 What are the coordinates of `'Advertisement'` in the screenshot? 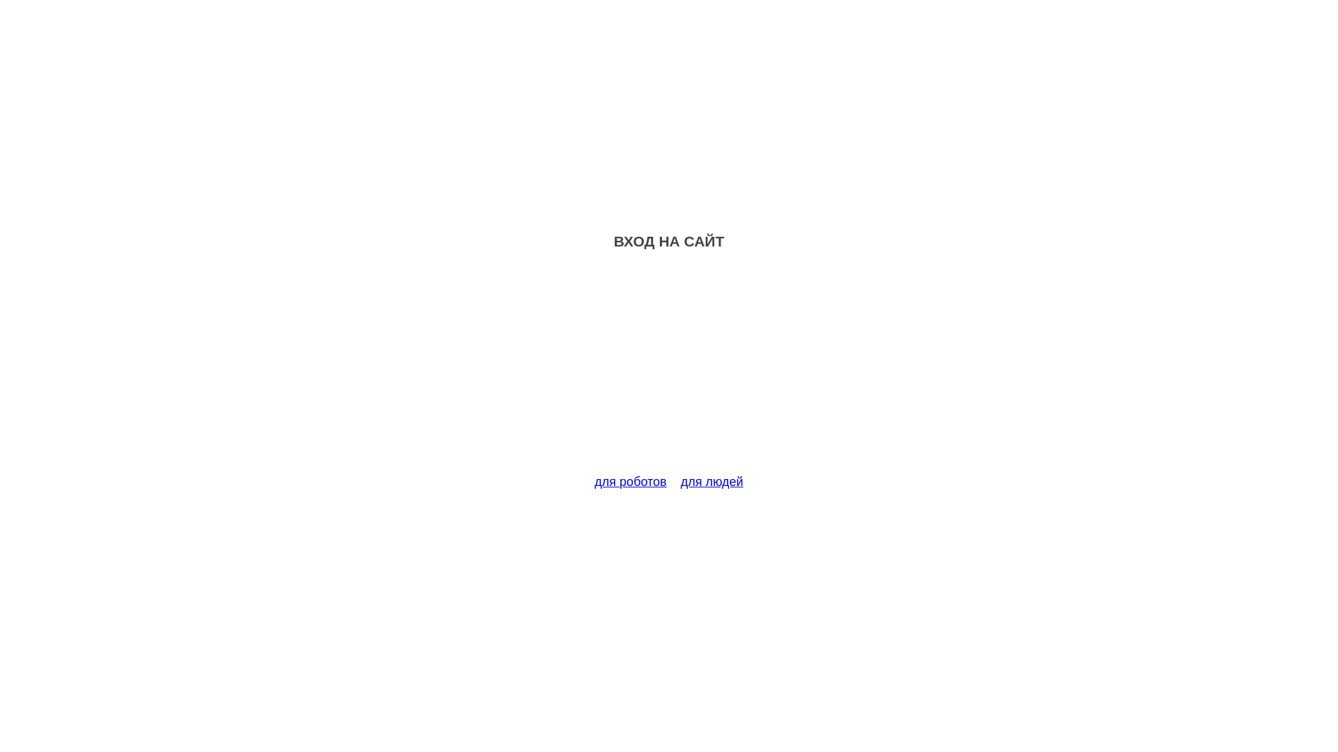 It's located at (669, 370).